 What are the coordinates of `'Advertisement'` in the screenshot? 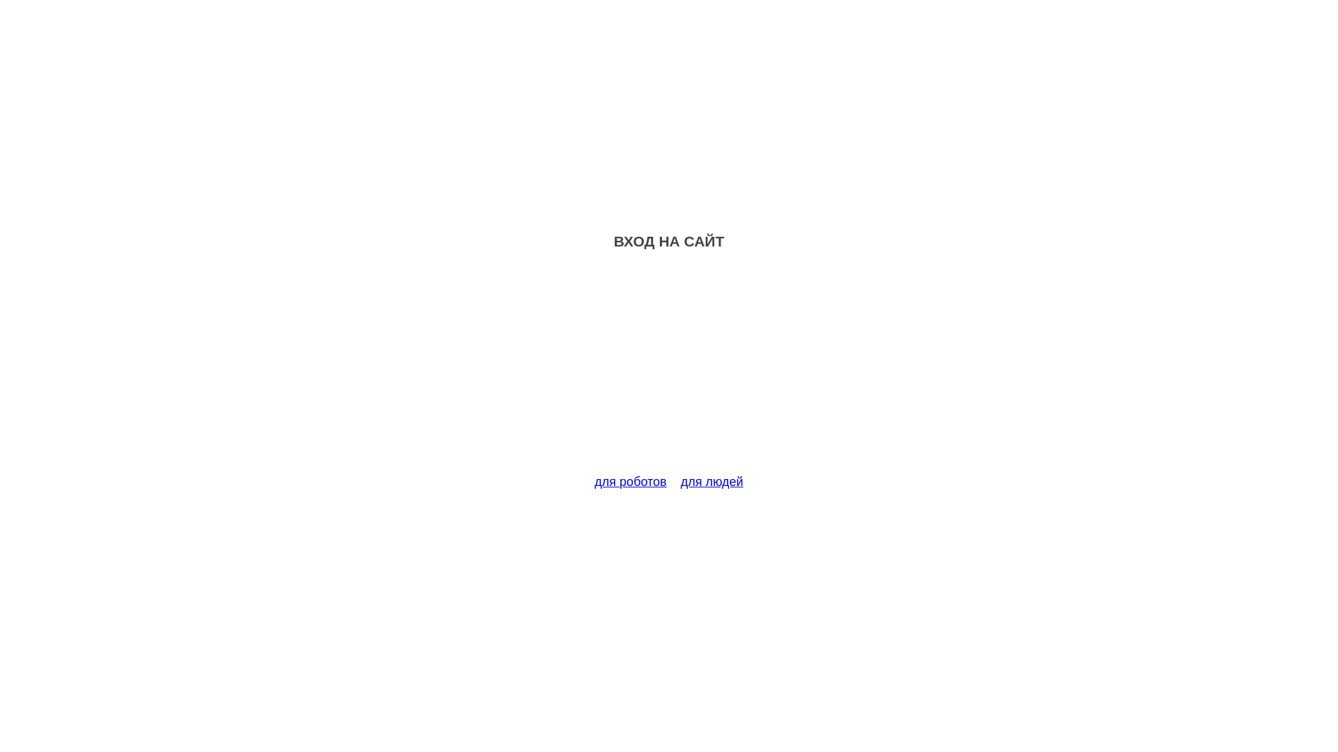 It's located at (669, 370).